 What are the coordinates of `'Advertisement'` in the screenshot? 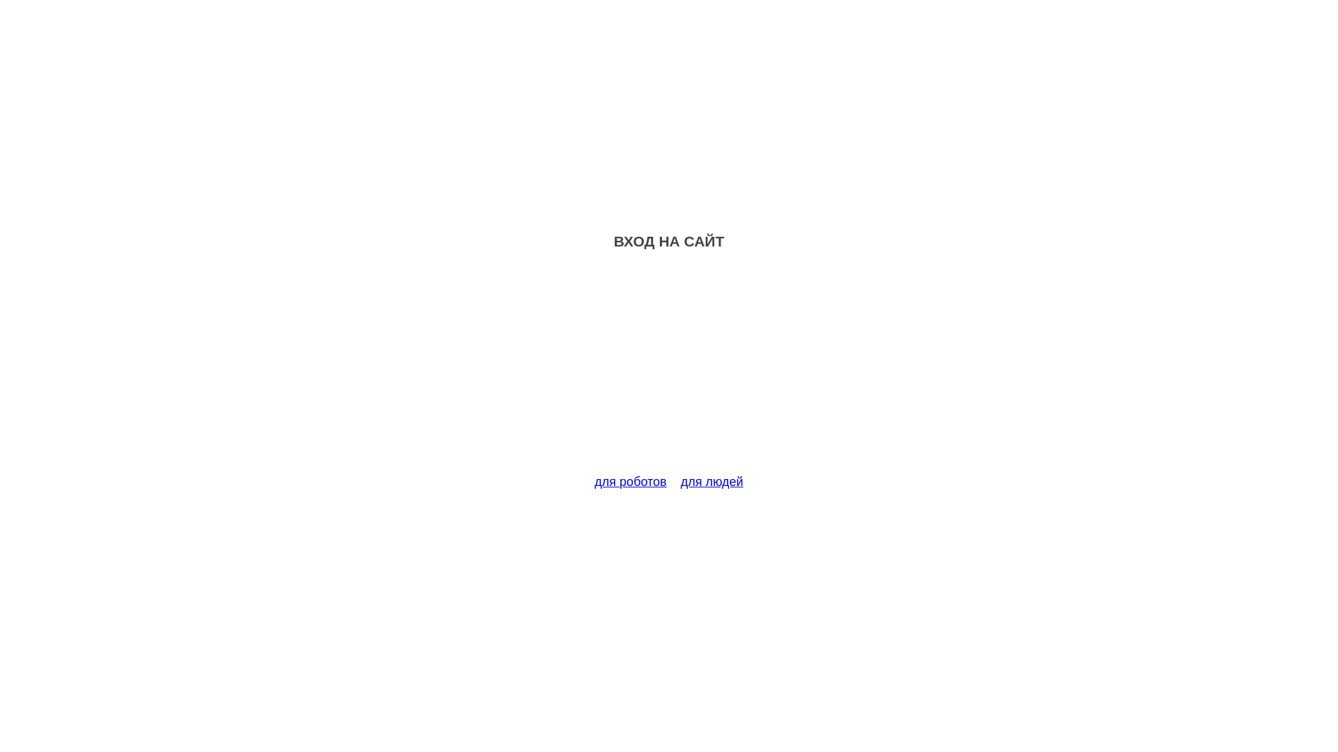 It's located at (669, 370).